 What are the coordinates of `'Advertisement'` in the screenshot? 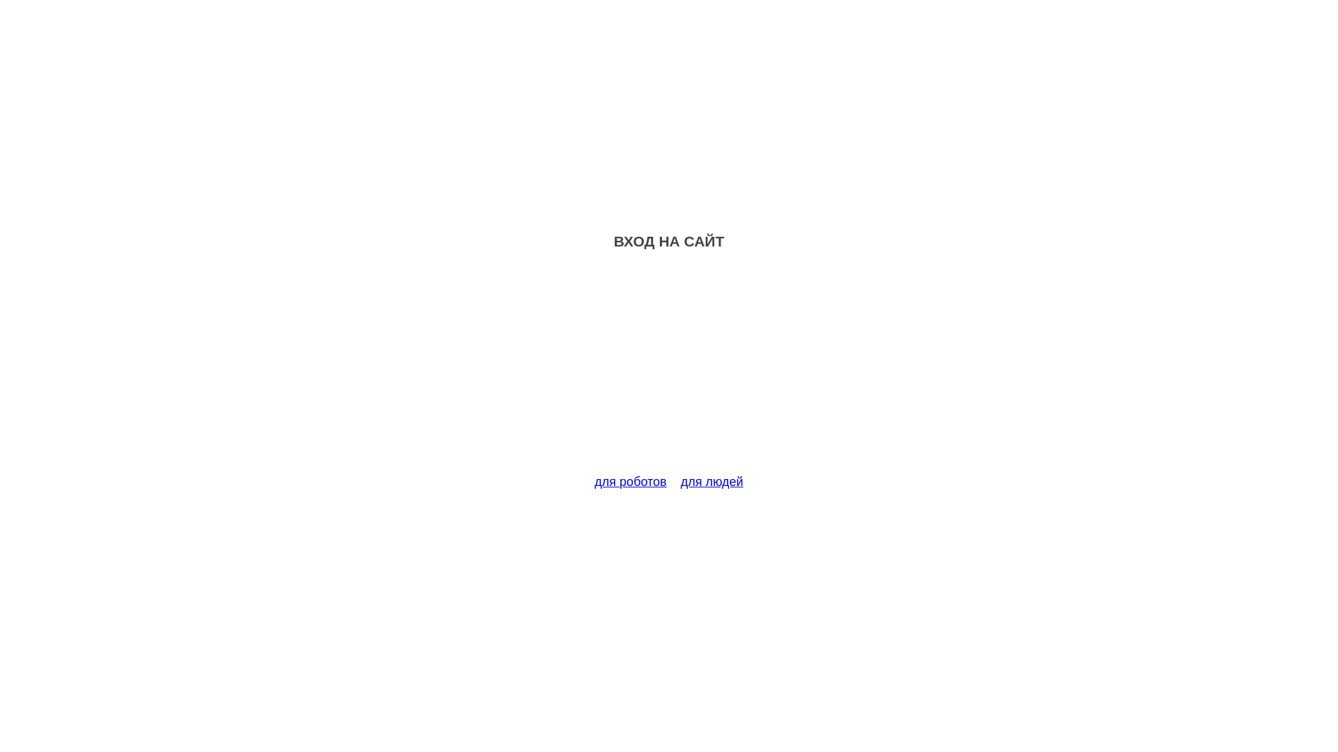 It's located at (669, 370).